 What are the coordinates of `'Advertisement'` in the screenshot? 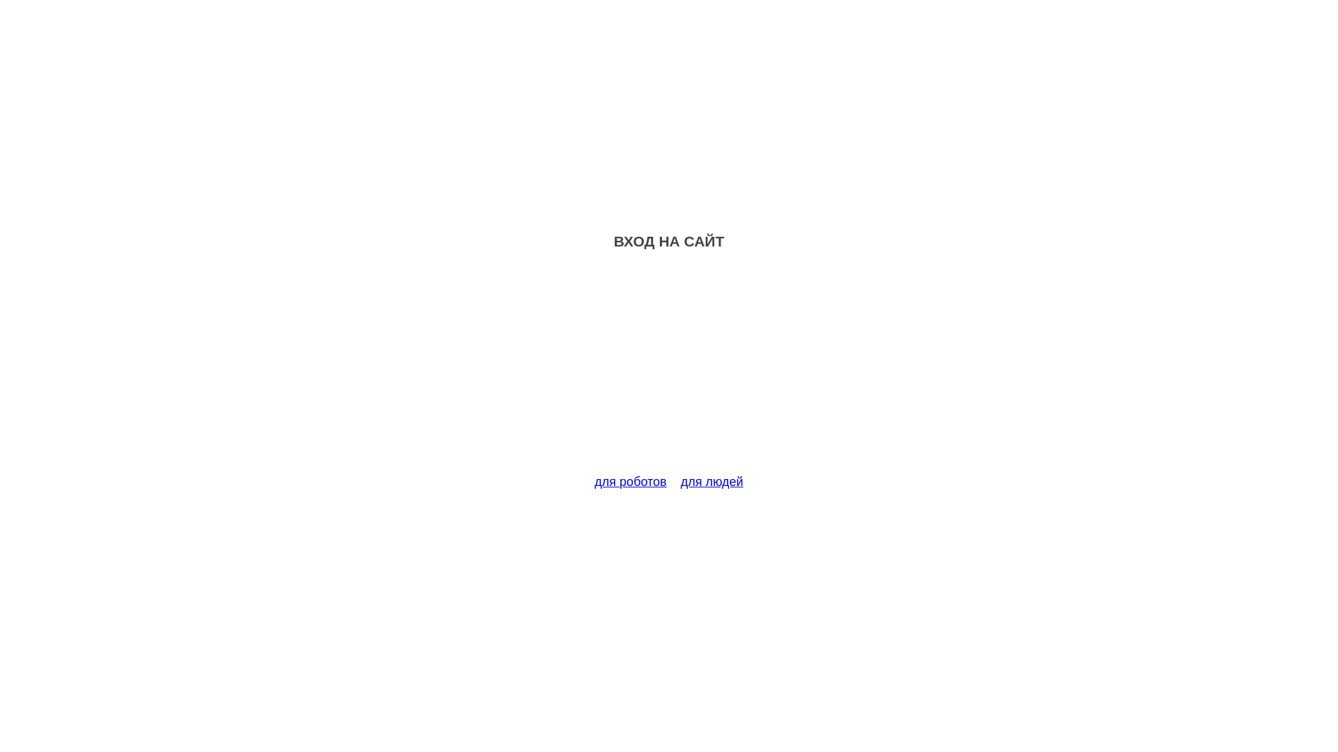 It's located at (669, 370).